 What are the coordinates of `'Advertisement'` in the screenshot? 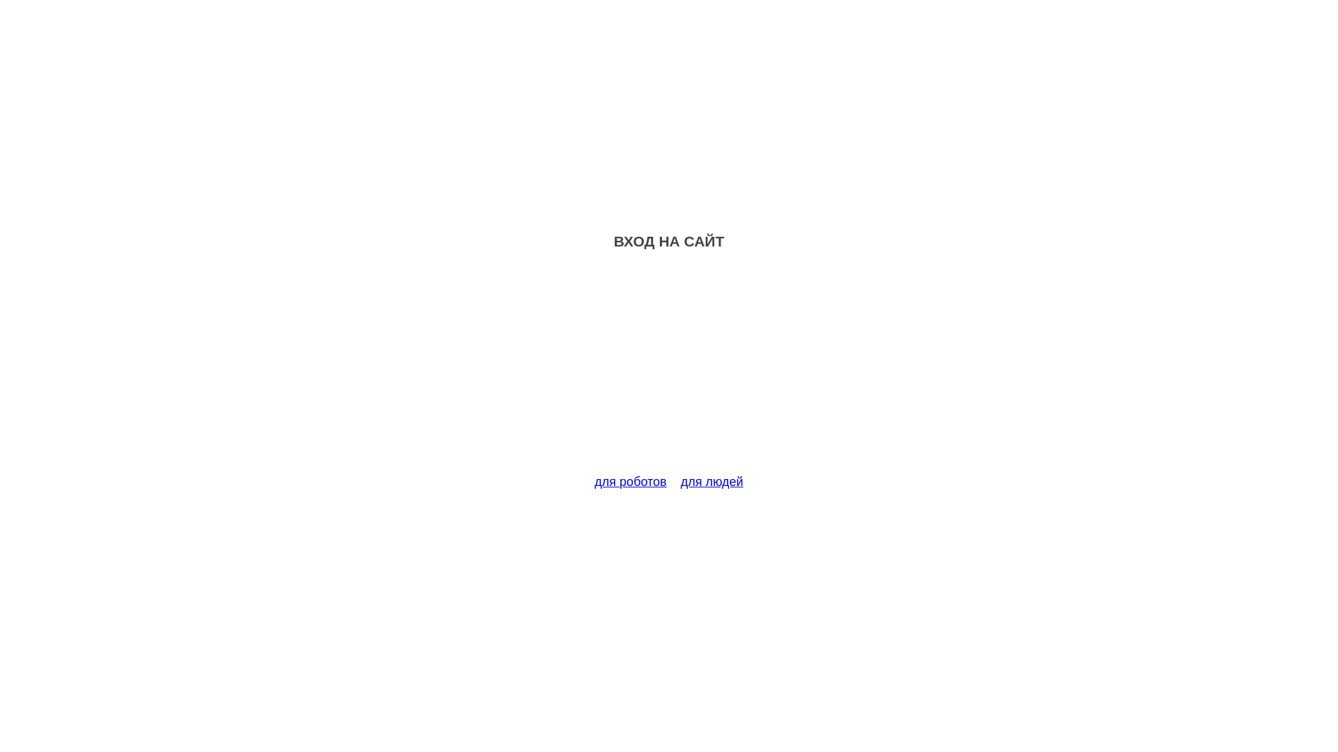 It's located at (669, 370).